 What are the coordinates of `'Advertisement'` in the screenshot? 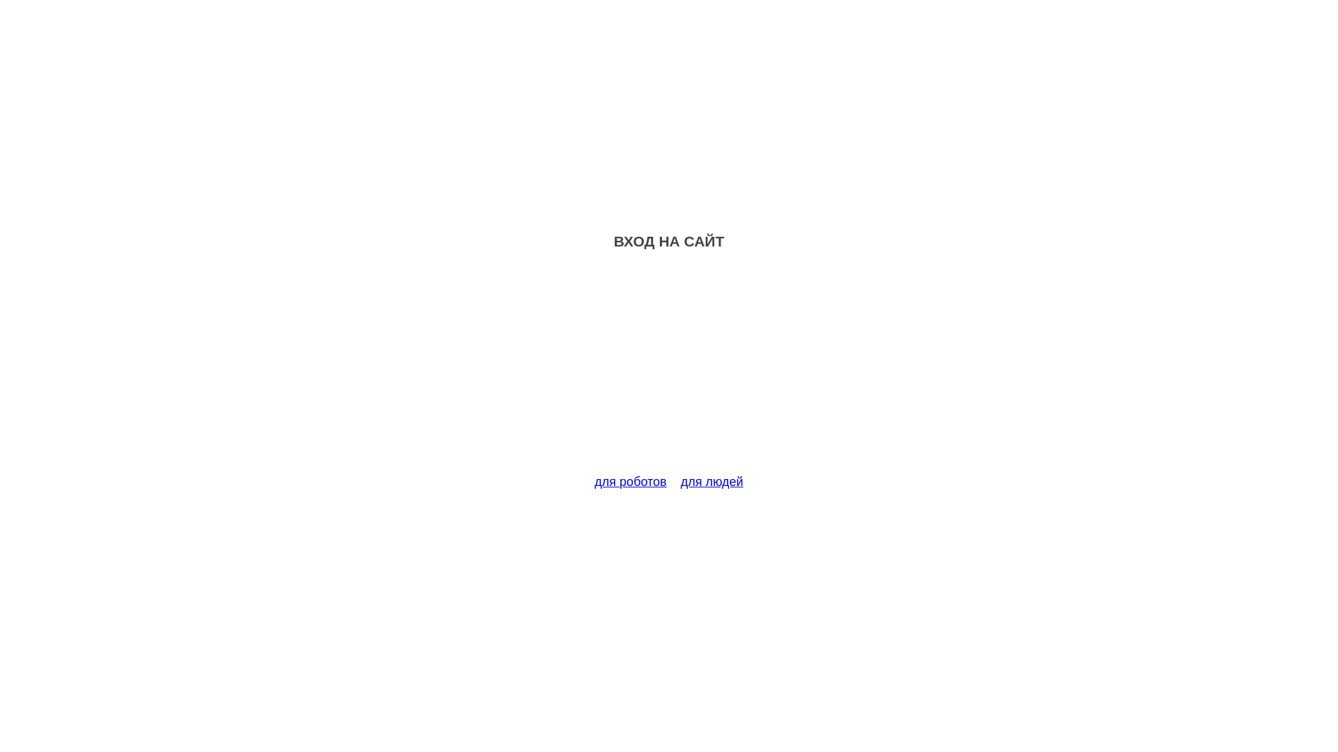 It's located at (669, 370).